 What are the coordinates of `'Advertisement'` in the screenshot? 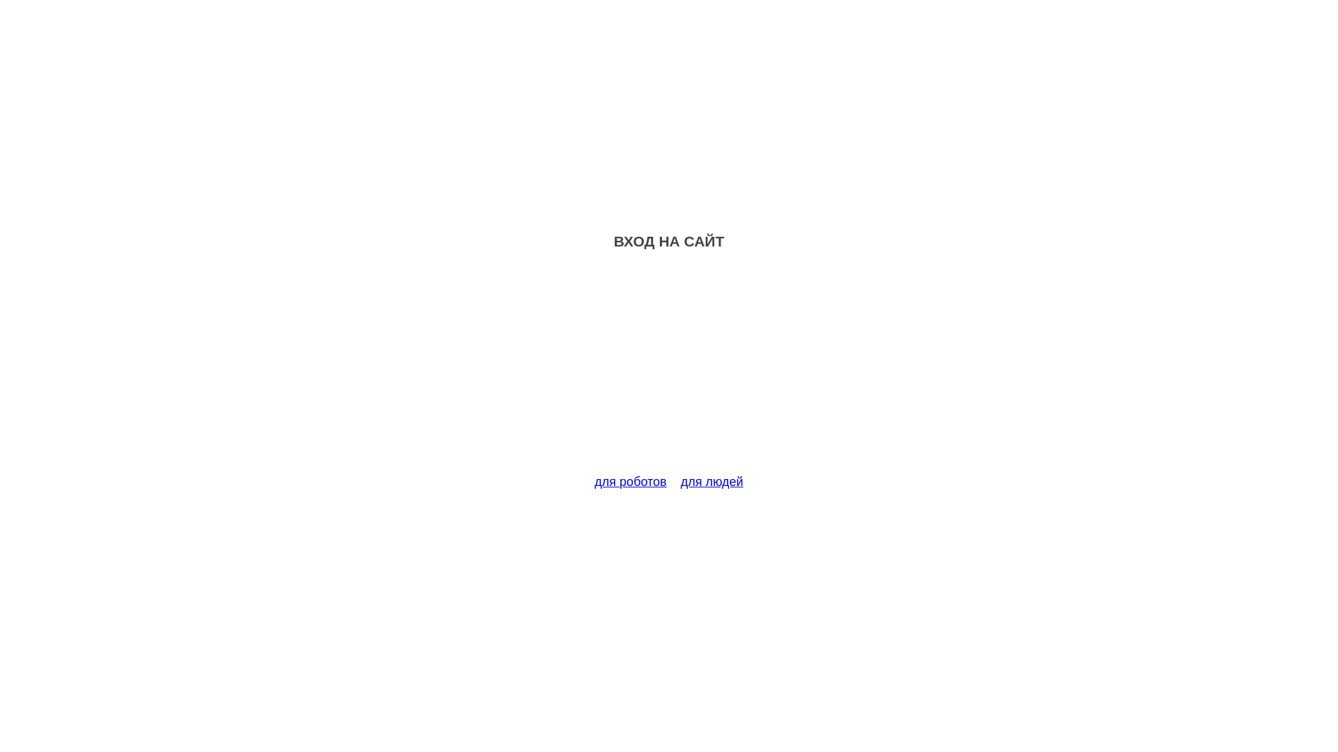 It's located at (669, 370).